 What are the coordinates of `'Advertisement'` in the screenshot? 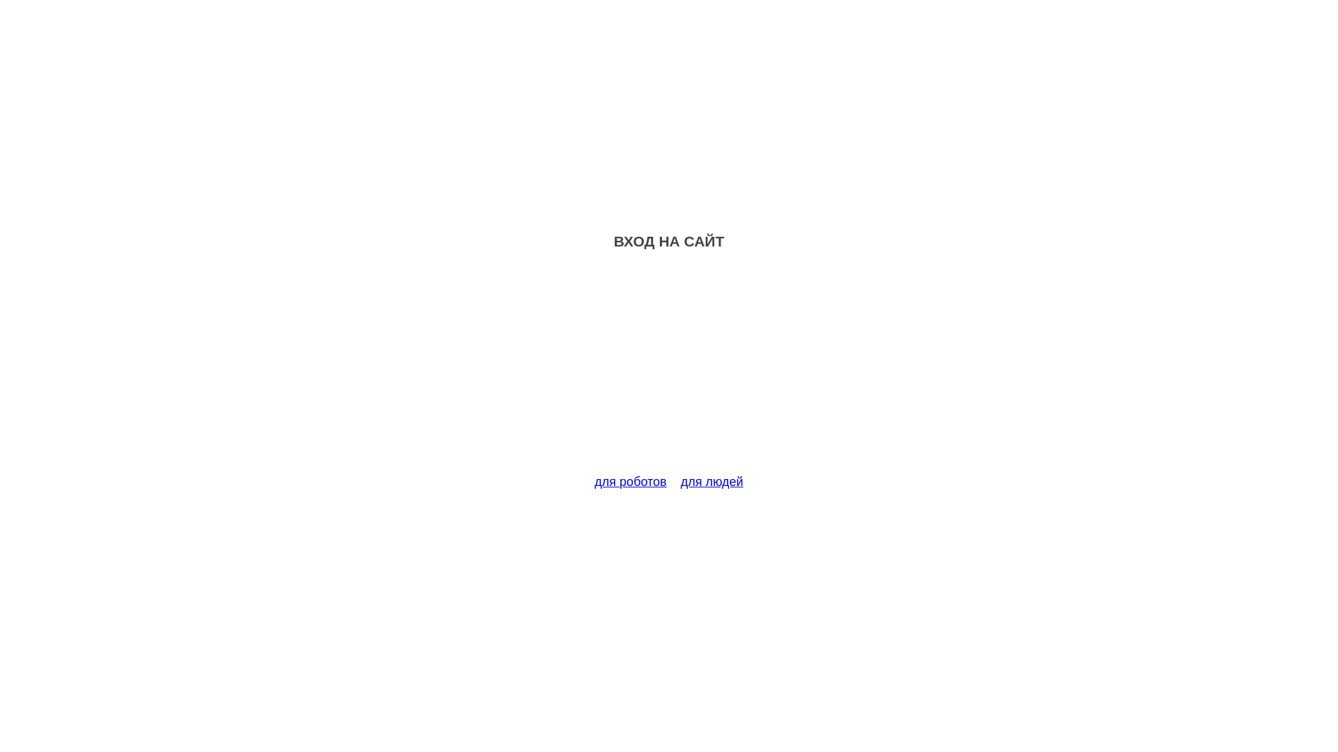 It's located at (669, 370).